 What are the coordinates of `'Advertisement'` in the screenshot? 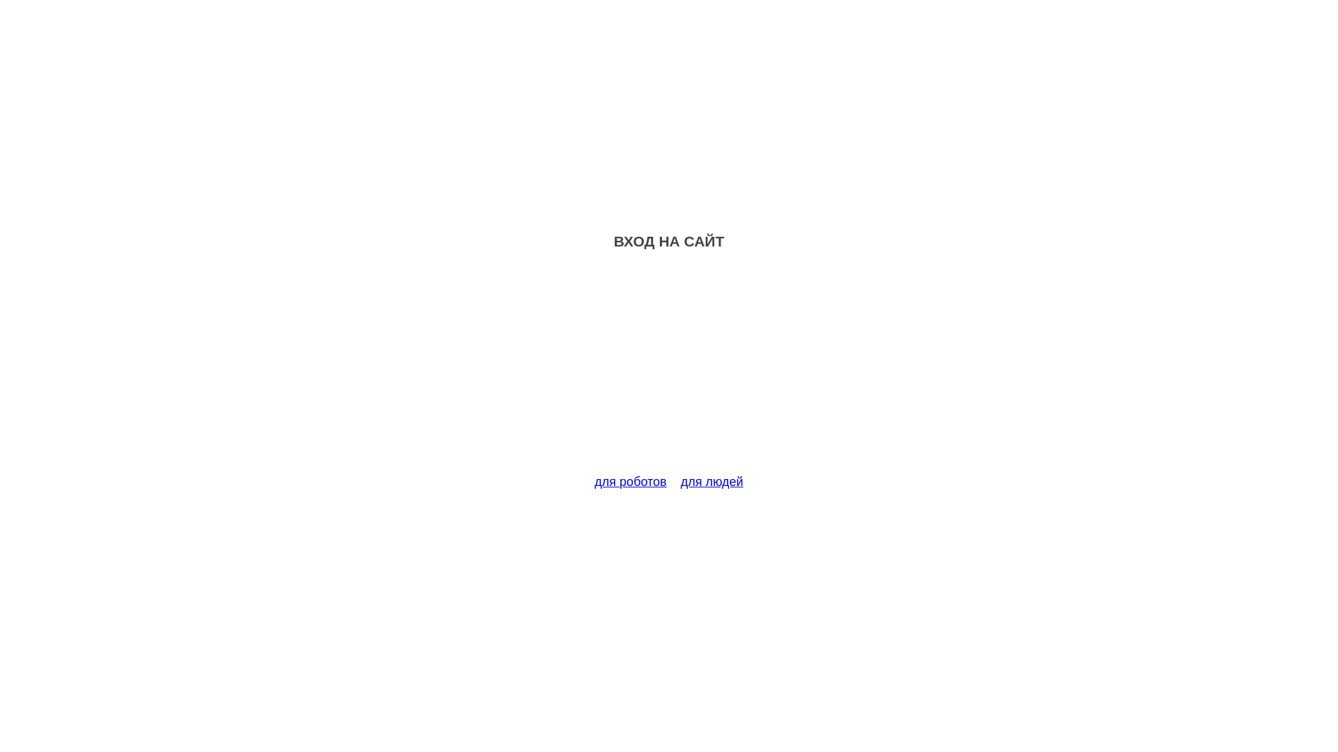 It's located at (669, 370).